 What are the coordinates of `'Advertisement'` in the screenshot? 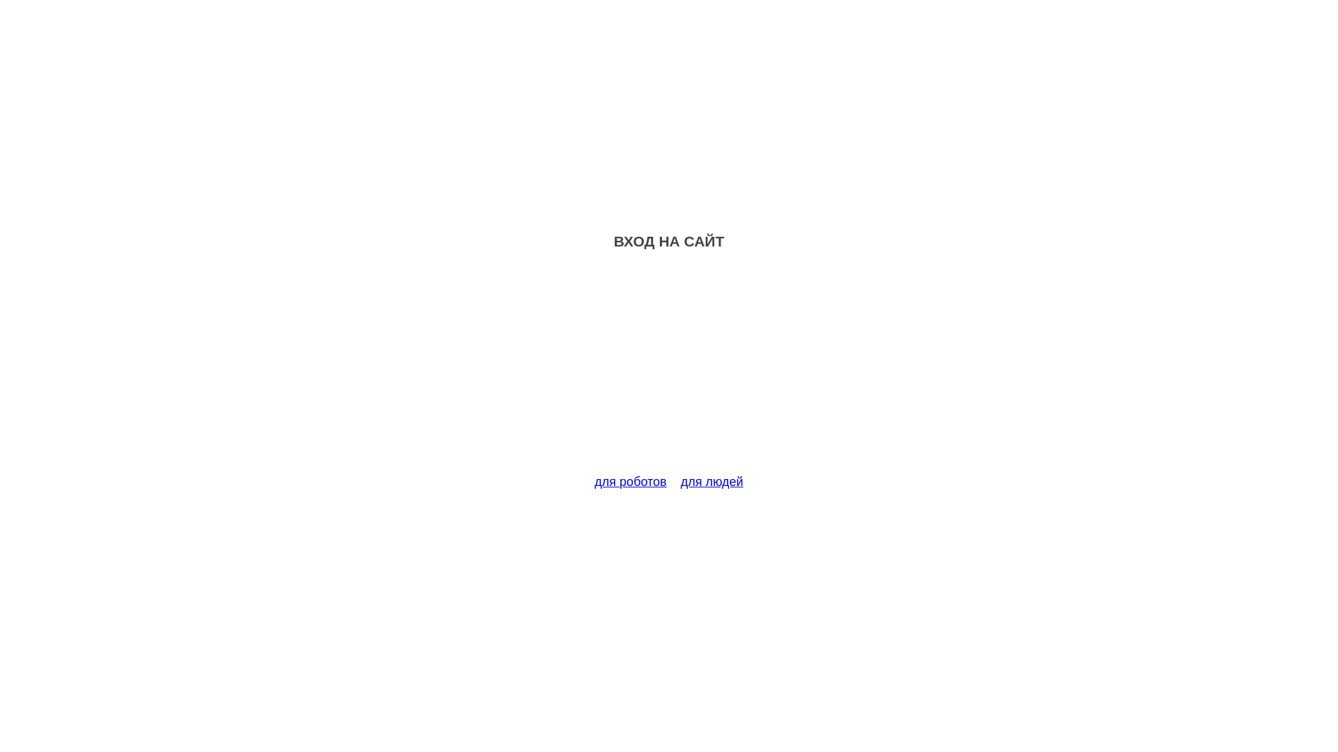 It's located at (669, 370).